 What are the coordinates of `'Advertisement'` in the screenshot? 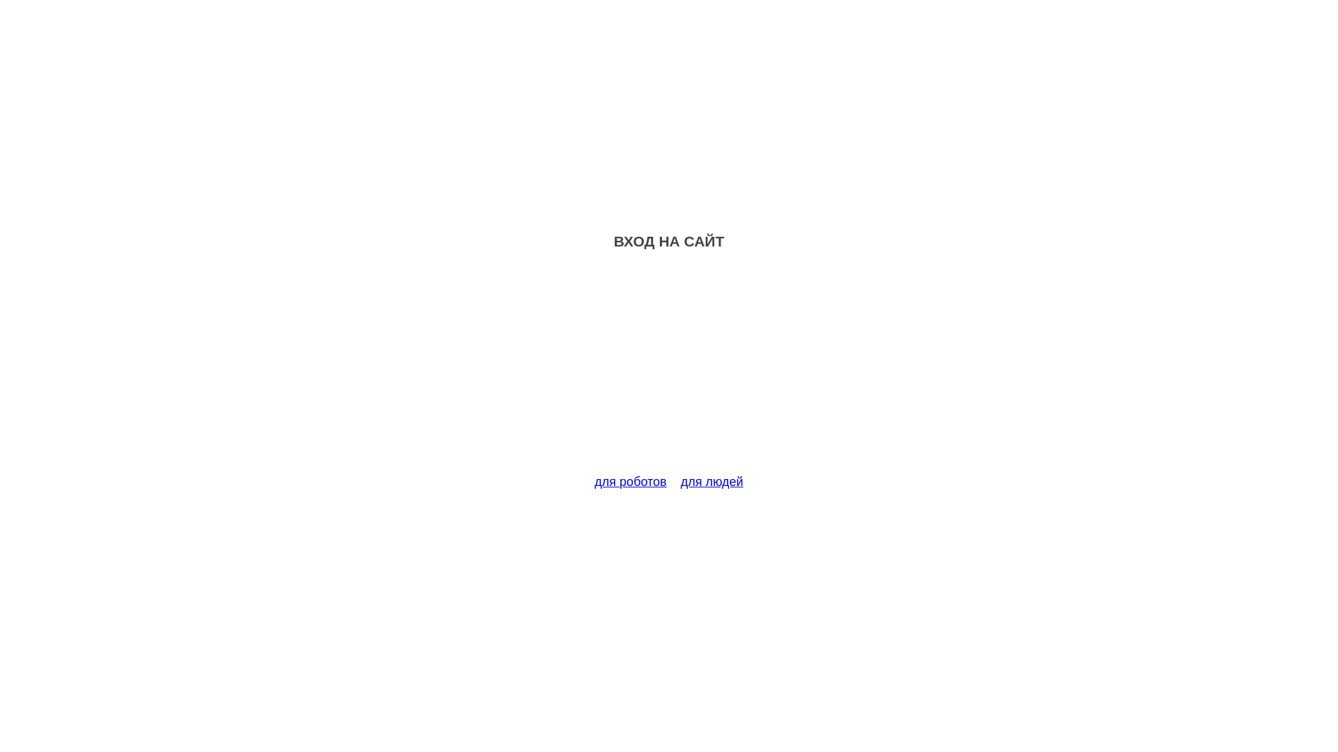 It's located at (669, 370).